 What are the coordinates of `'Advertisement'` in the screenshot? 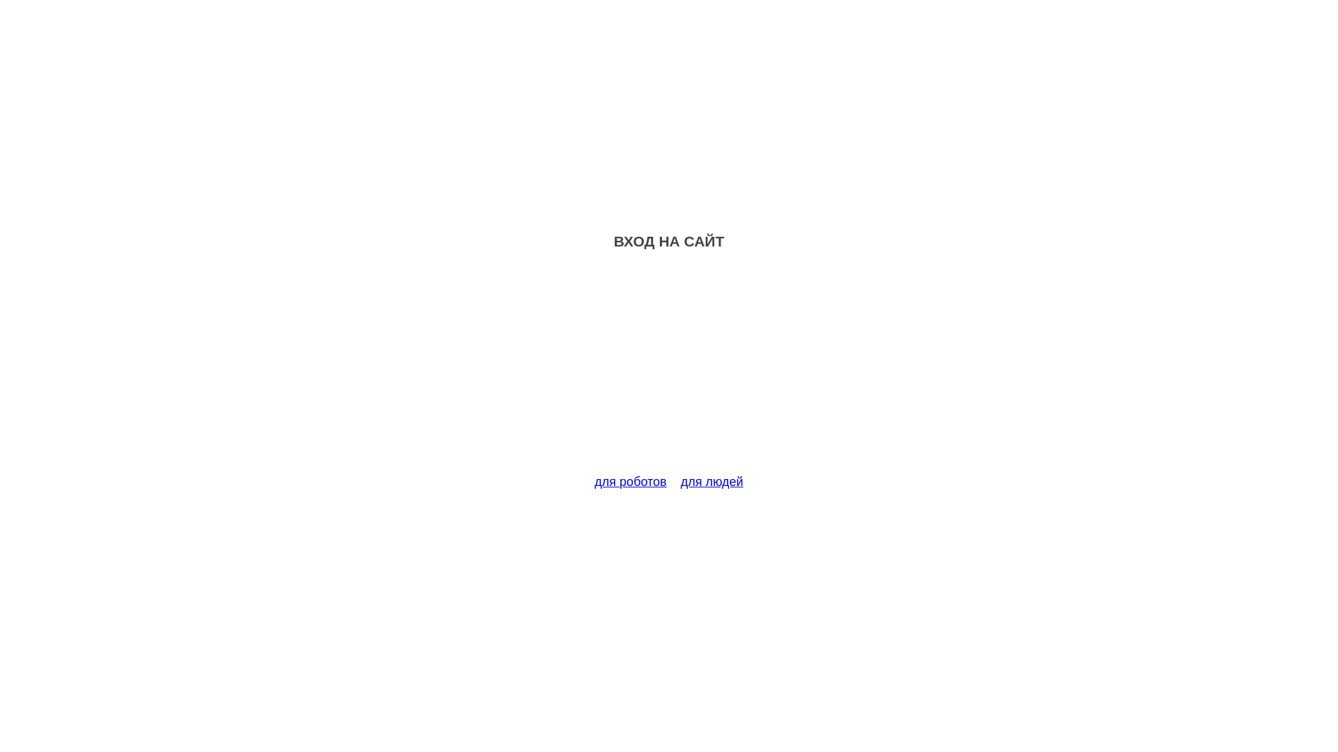 It's located at (669, 370).